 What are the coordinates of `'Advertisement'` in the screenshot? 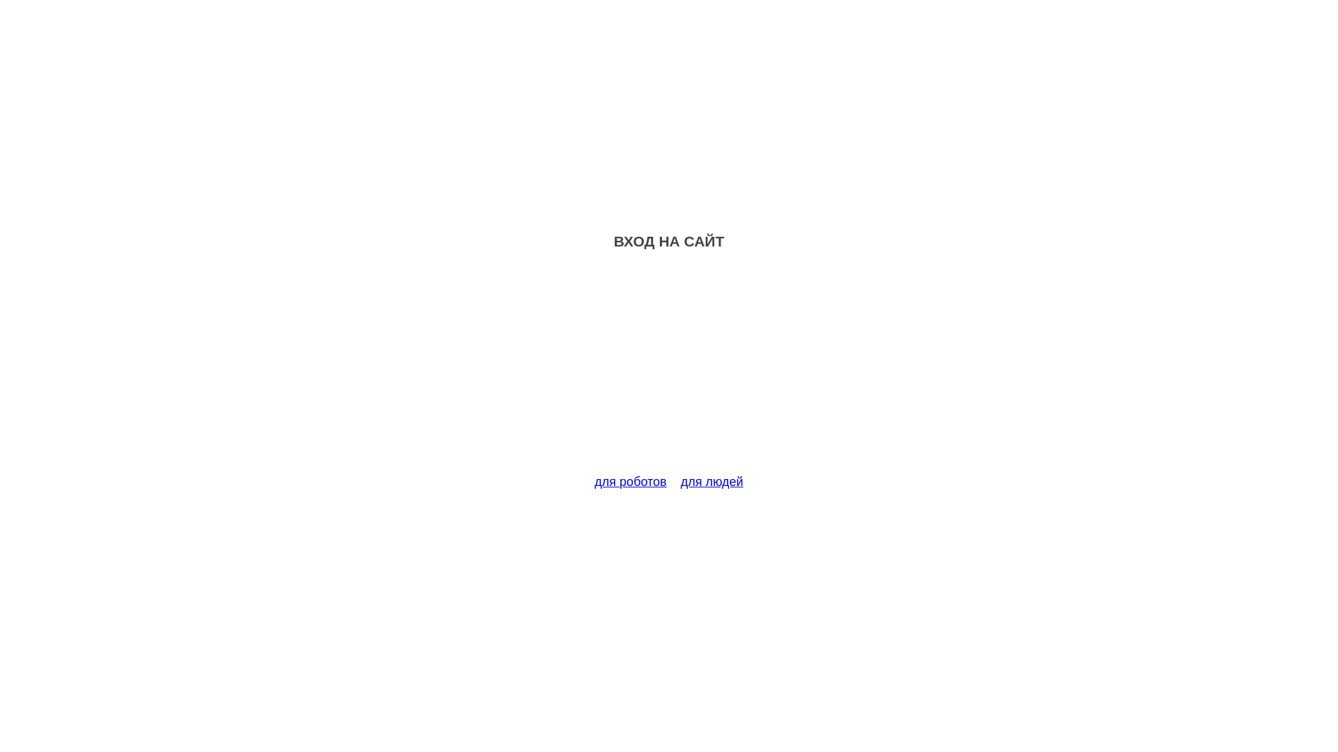 It's located at (669, 370).